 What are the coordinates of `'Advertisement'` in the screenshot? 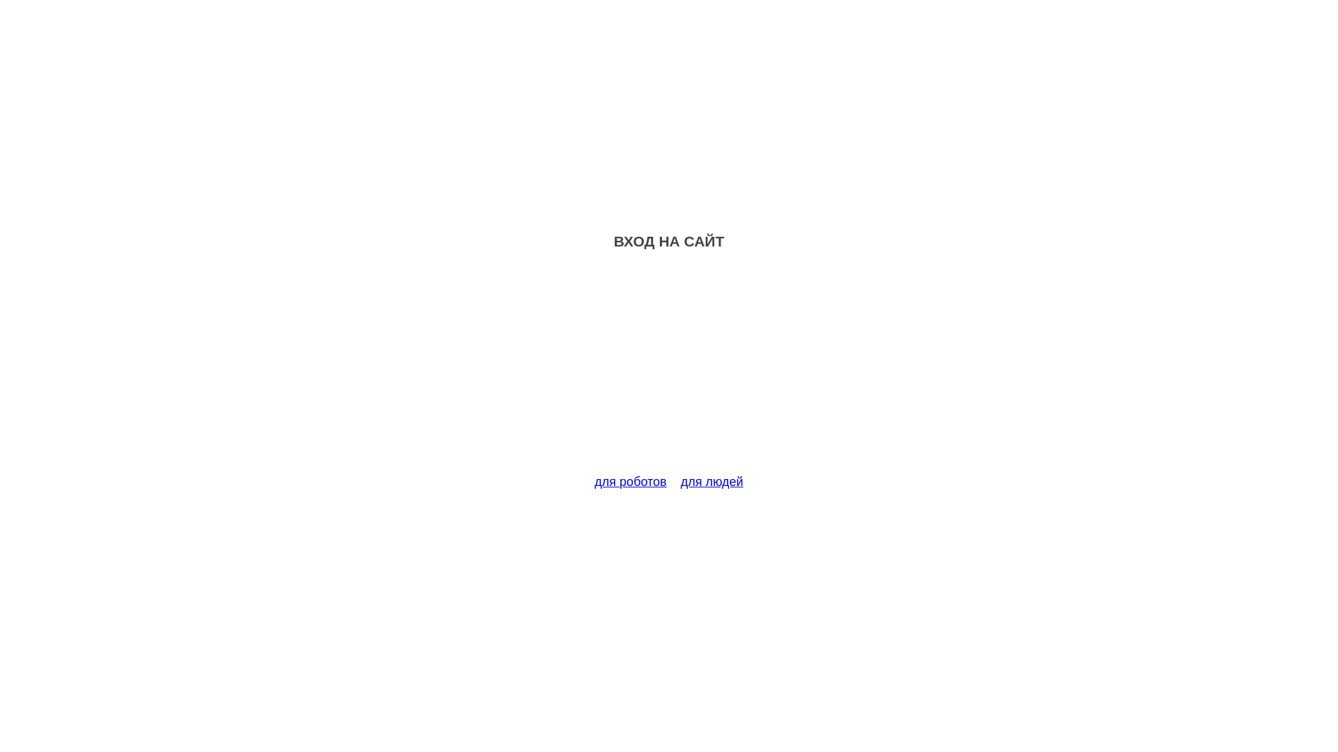 It's located at (669, 370).